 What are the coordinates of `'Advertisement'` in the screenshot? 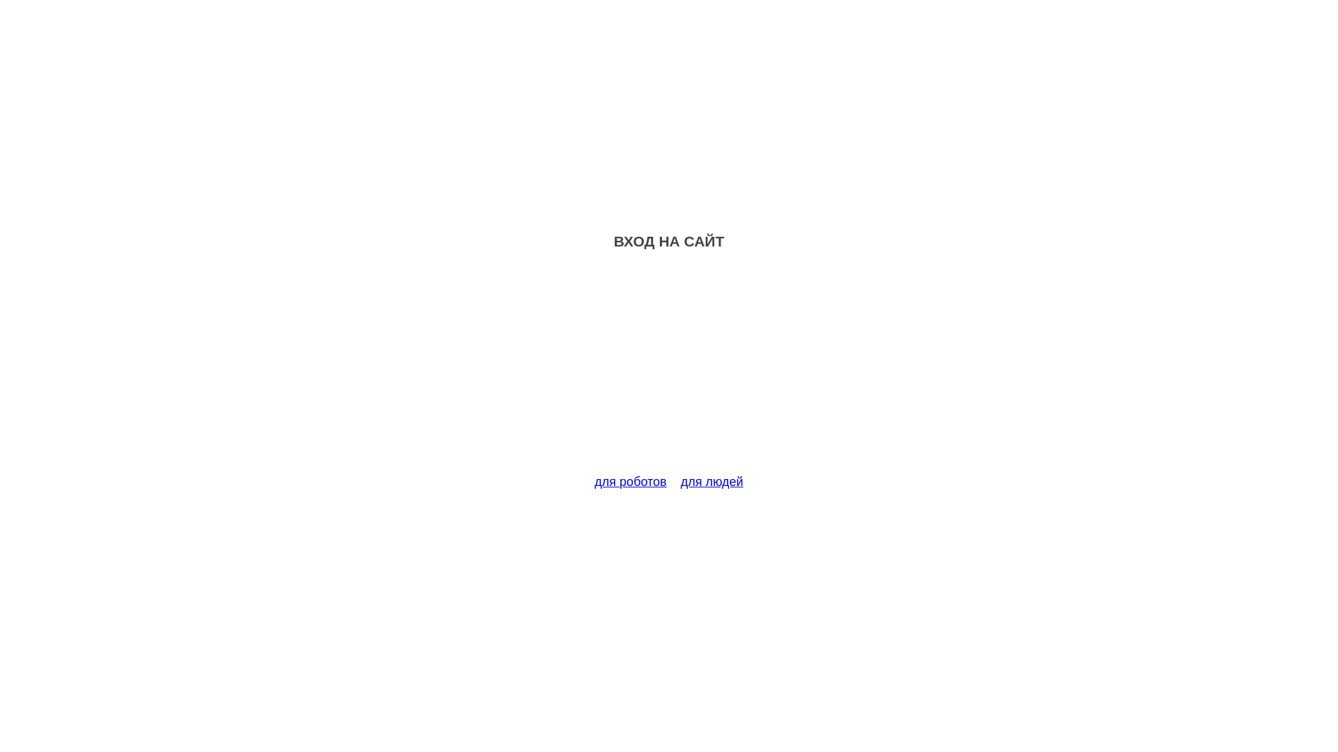 It's located at (669, 370).